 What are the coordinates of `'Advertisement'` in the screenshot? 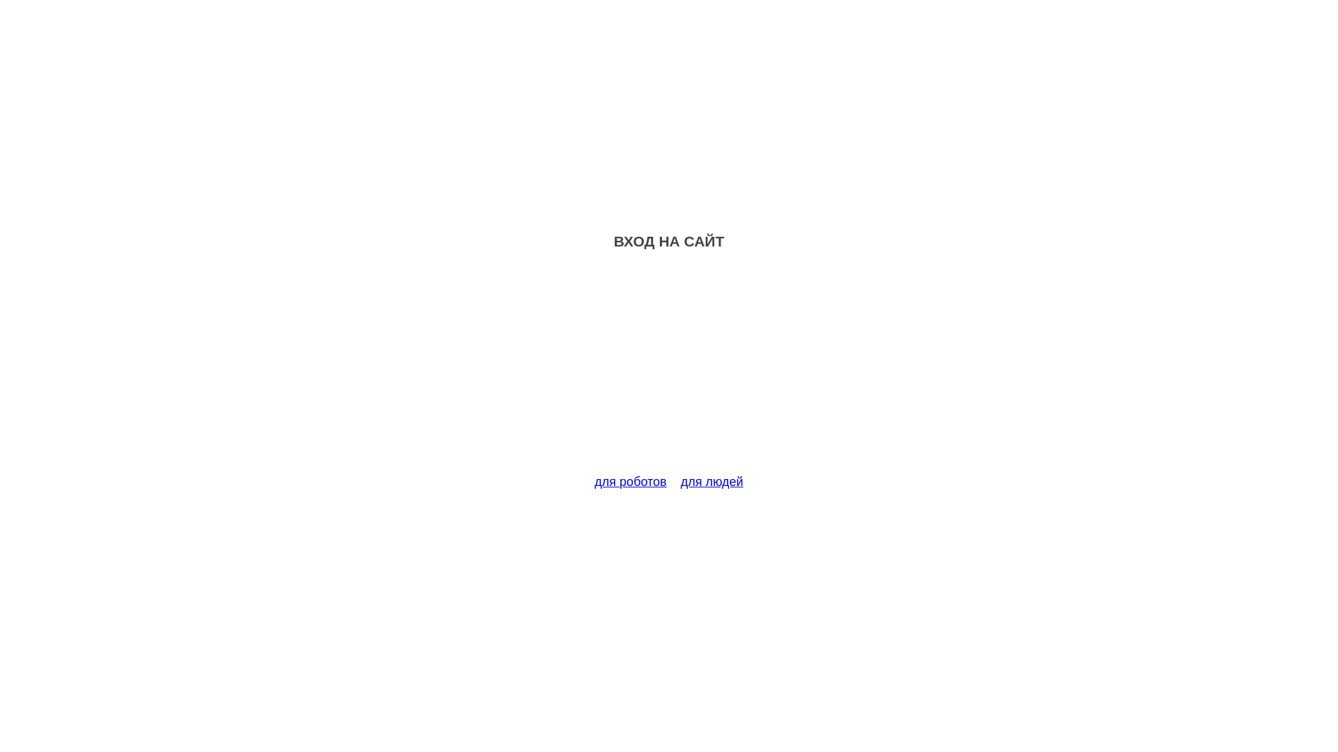 It's located at (669, 370).